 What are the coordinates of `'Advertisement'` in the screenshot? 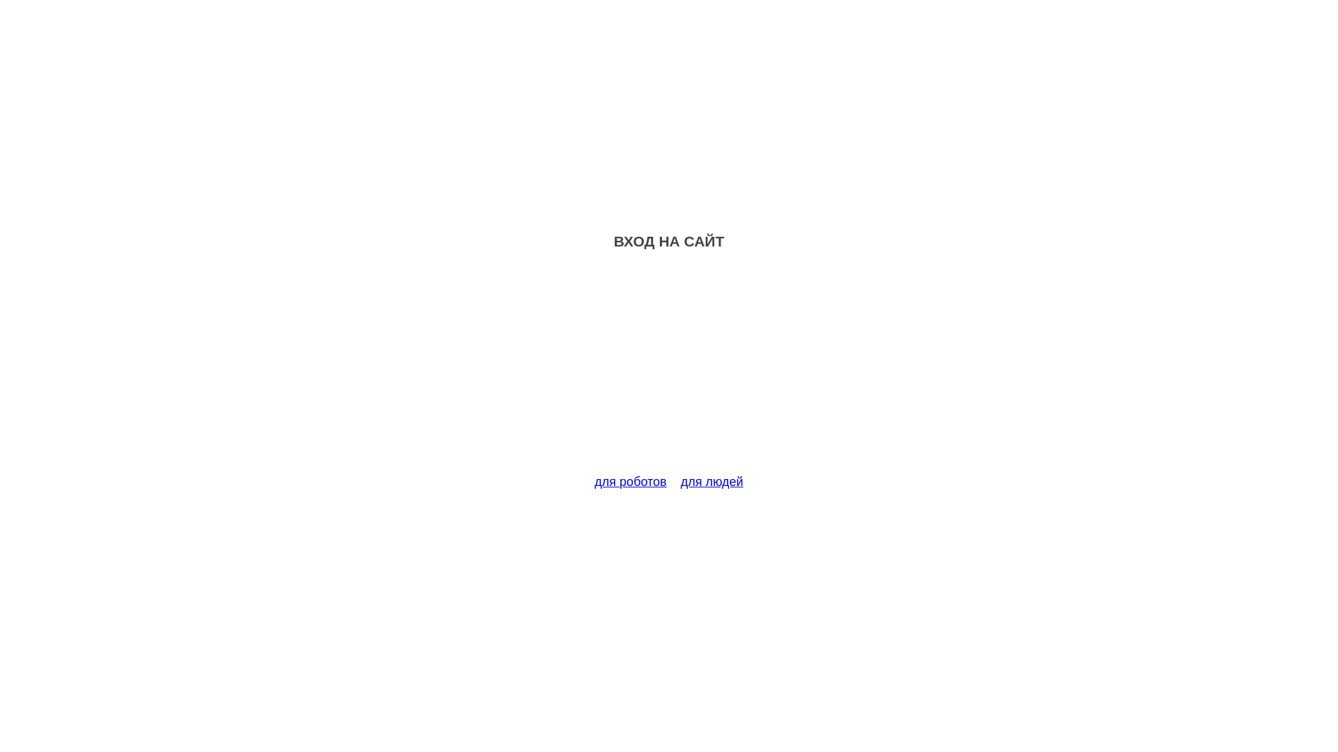 It's located at (669, 370).